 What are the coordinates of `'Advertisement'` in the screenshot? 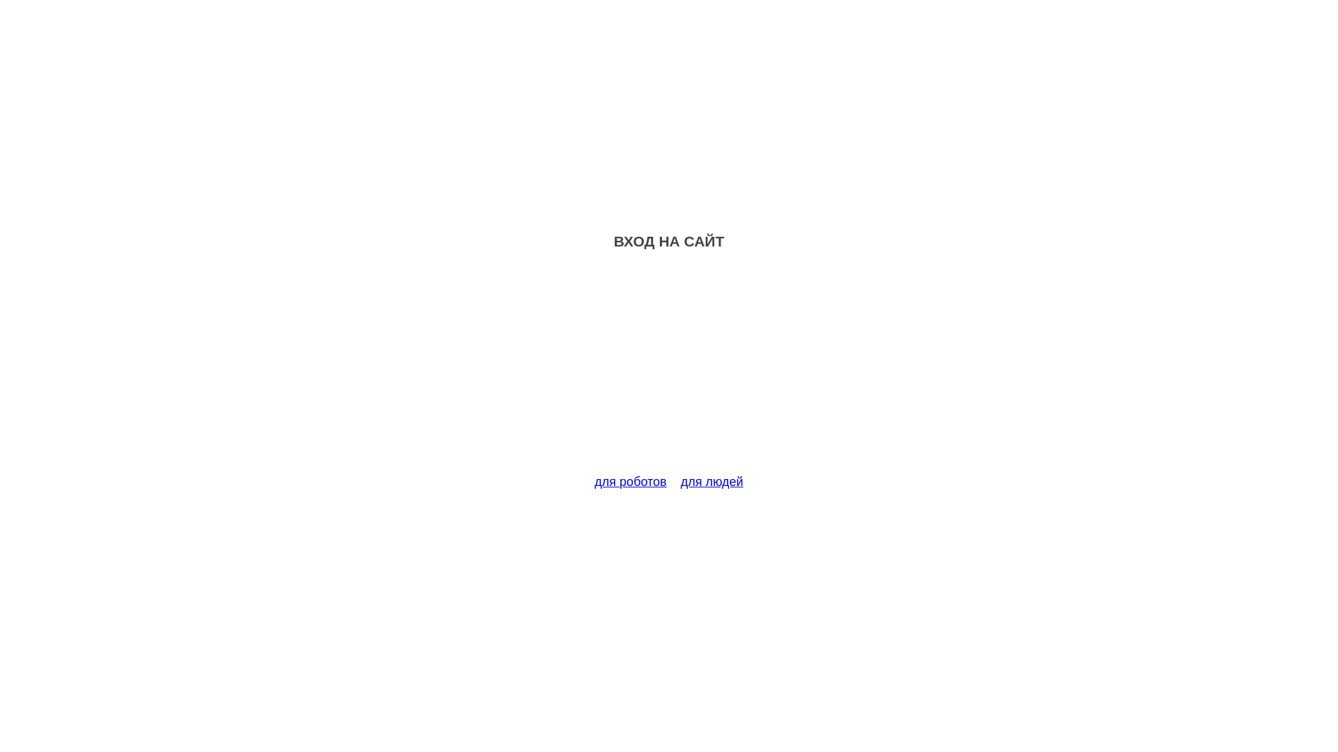 It's located at (669, 370).